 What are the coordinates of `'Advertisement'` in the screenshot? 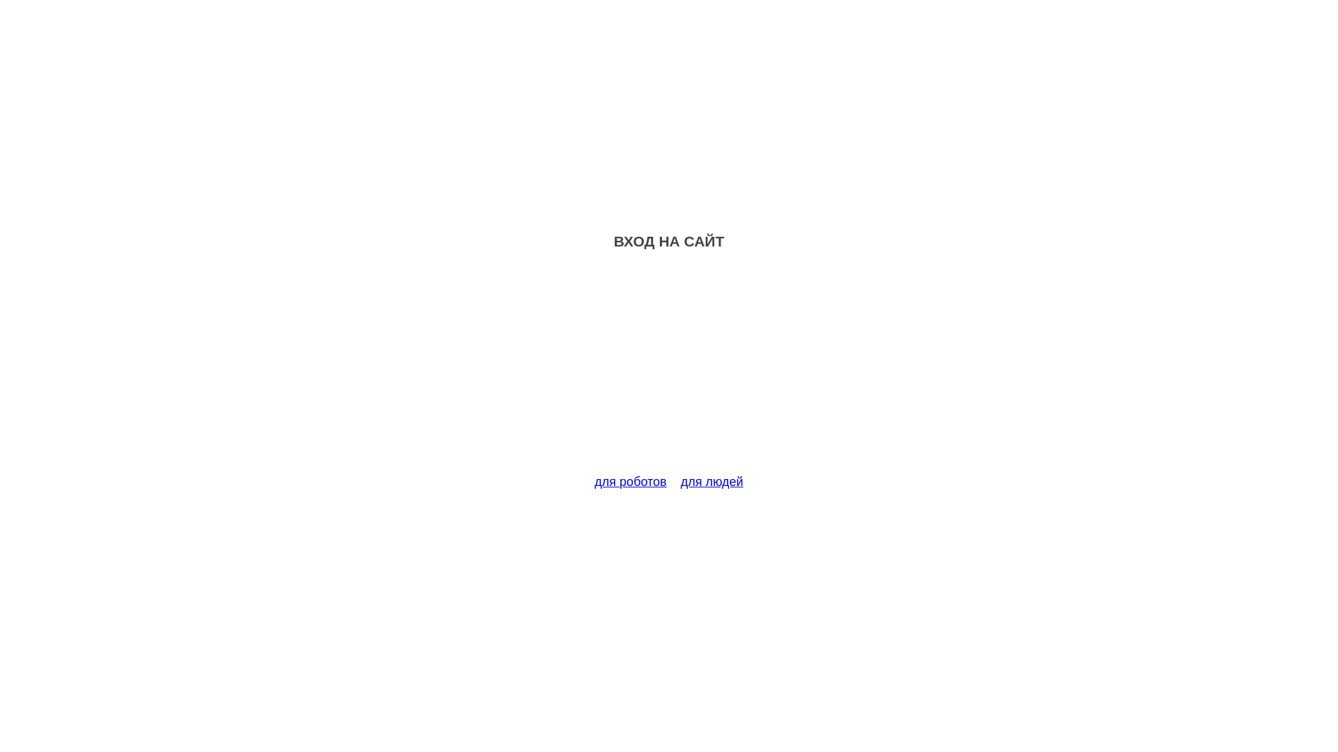 It's located at (669, 370).